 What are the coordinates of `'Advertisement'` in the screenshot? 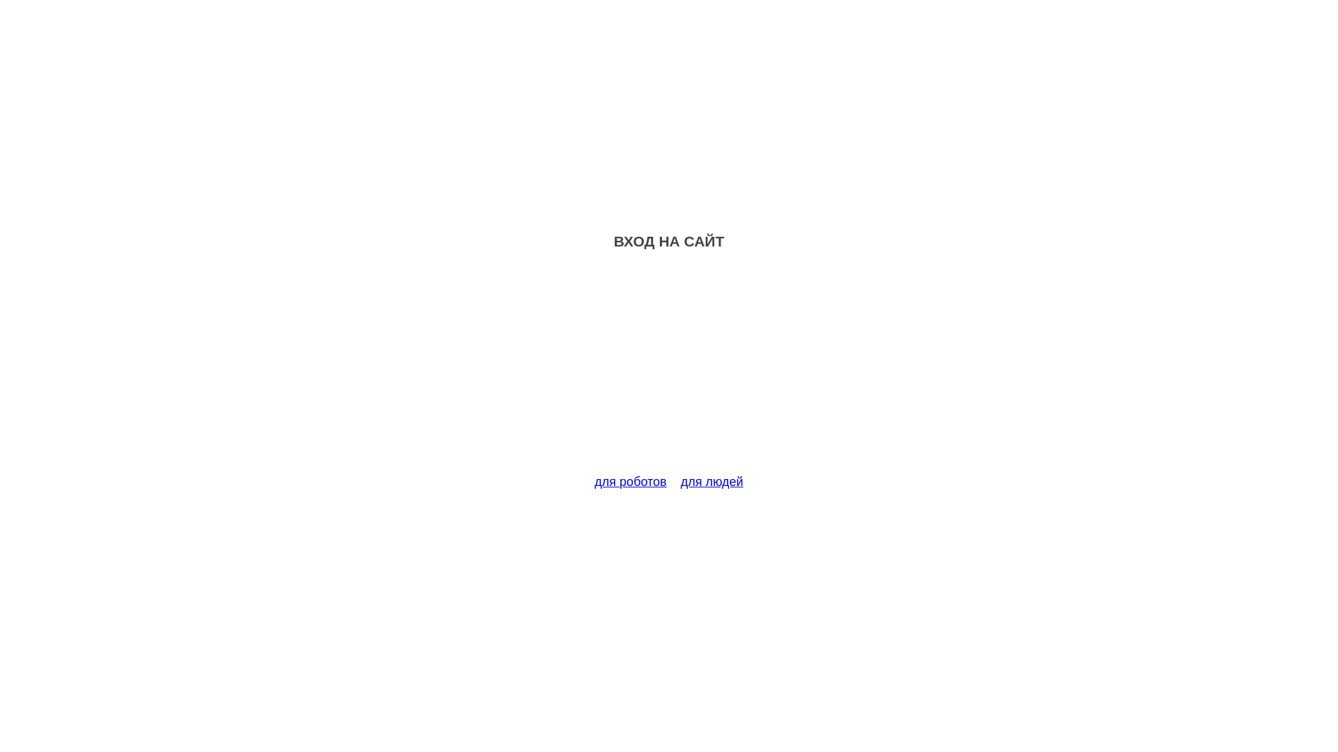 It's located at (669, 370).